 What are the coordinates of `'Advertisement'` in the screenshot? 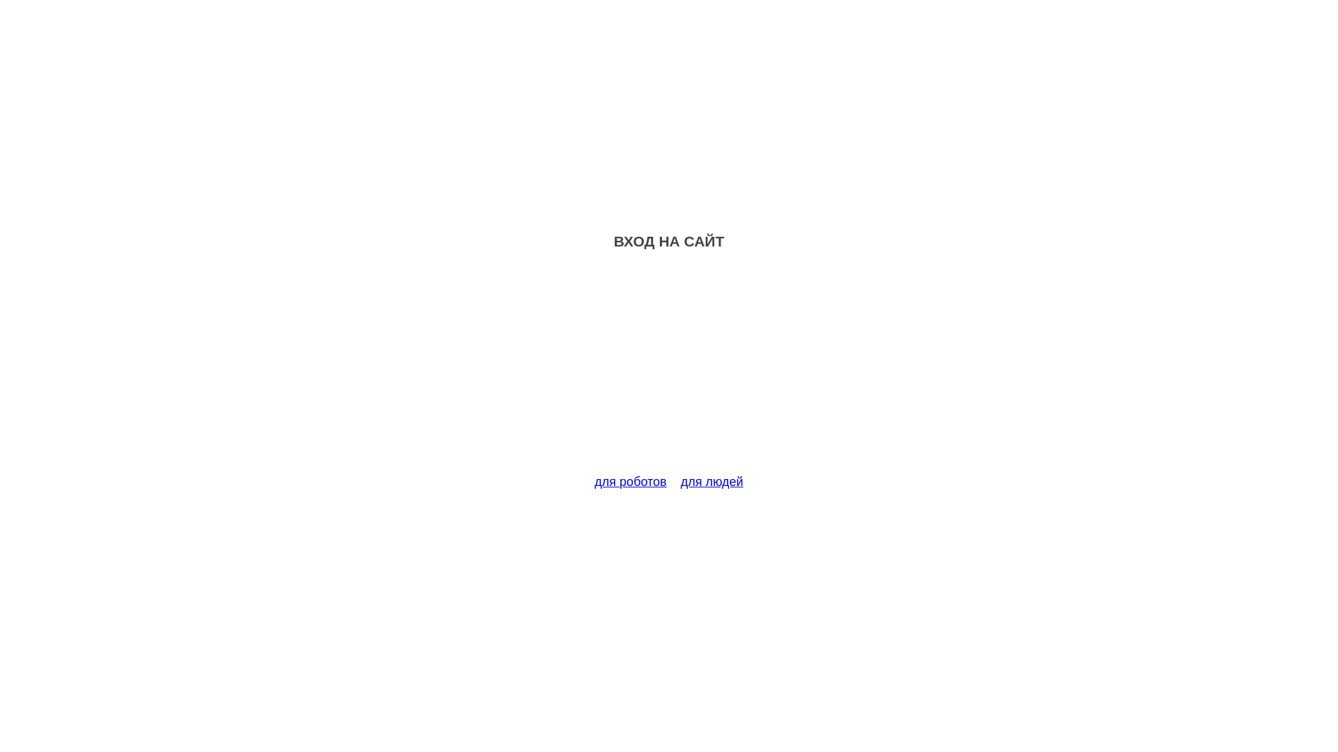 It's located at (669, 370).